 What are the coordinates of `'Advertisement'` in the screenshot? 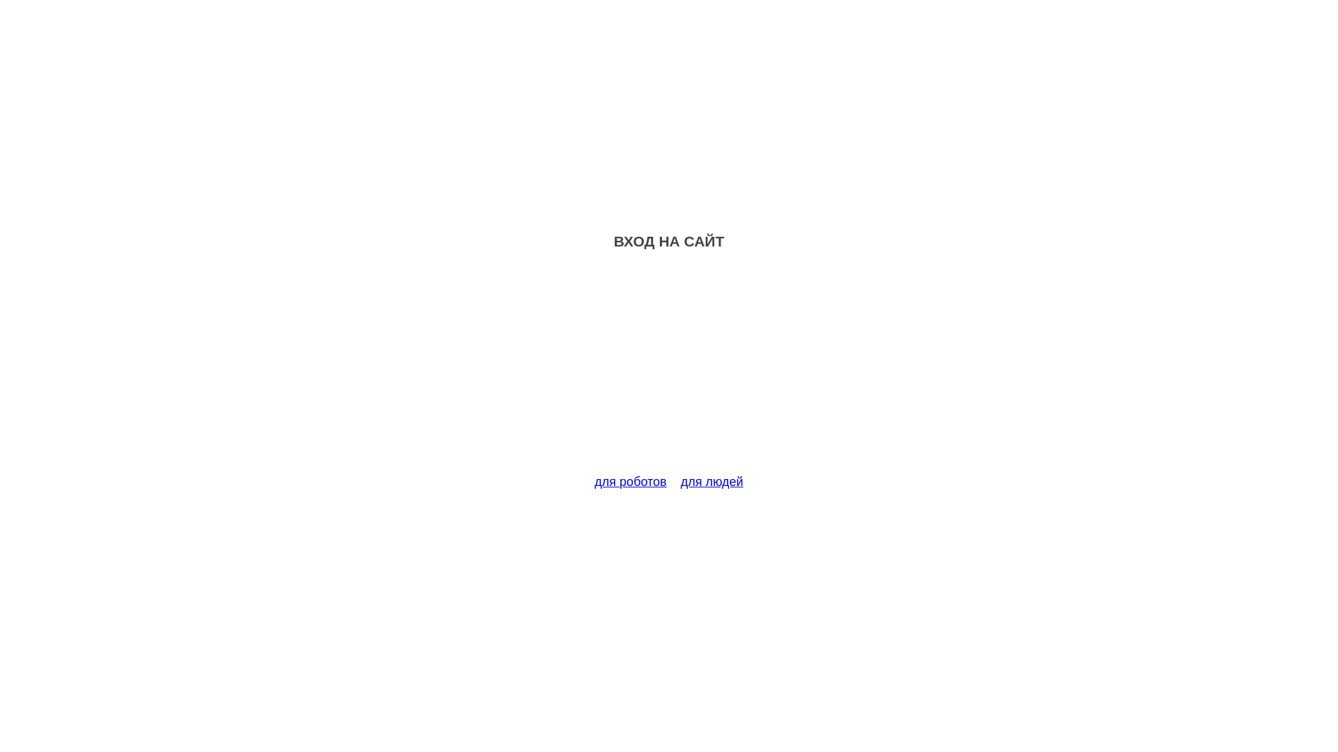 It's located at (669, 370).